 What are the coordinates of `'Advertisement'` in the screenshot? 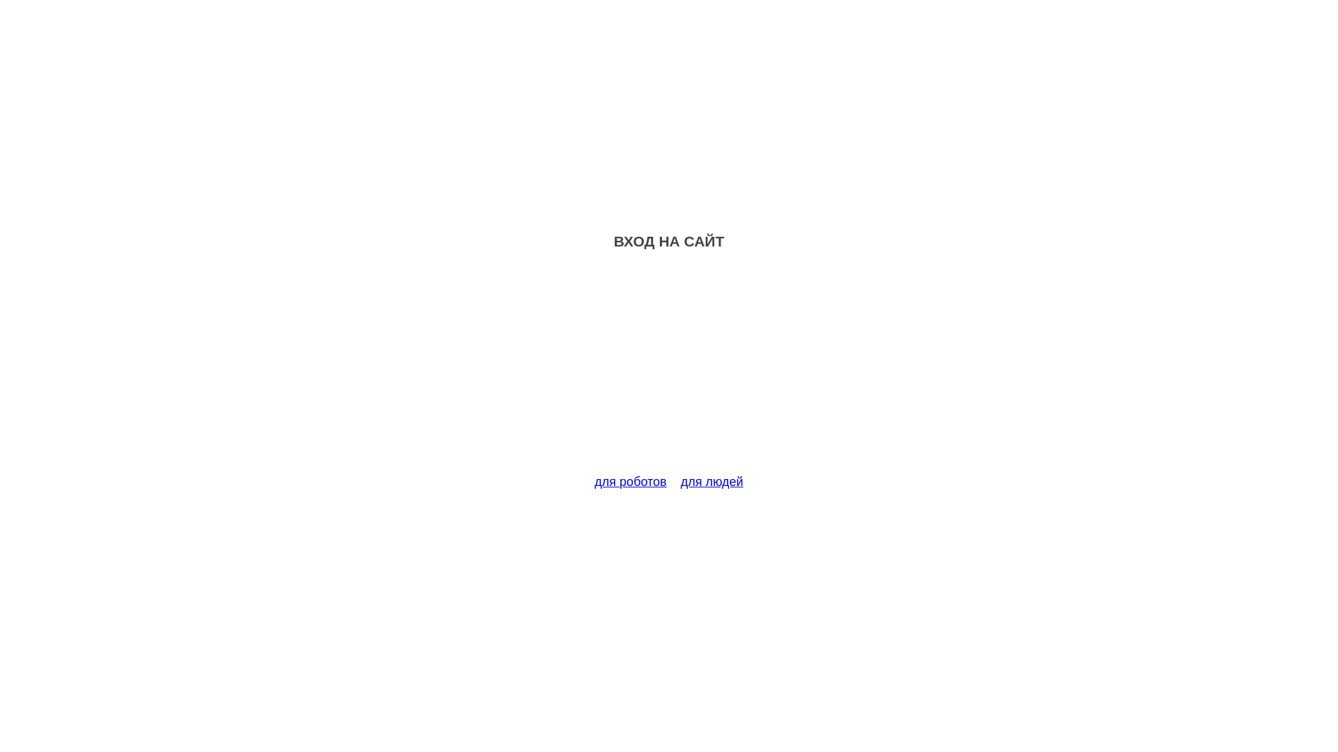 It's located at (669, 370).